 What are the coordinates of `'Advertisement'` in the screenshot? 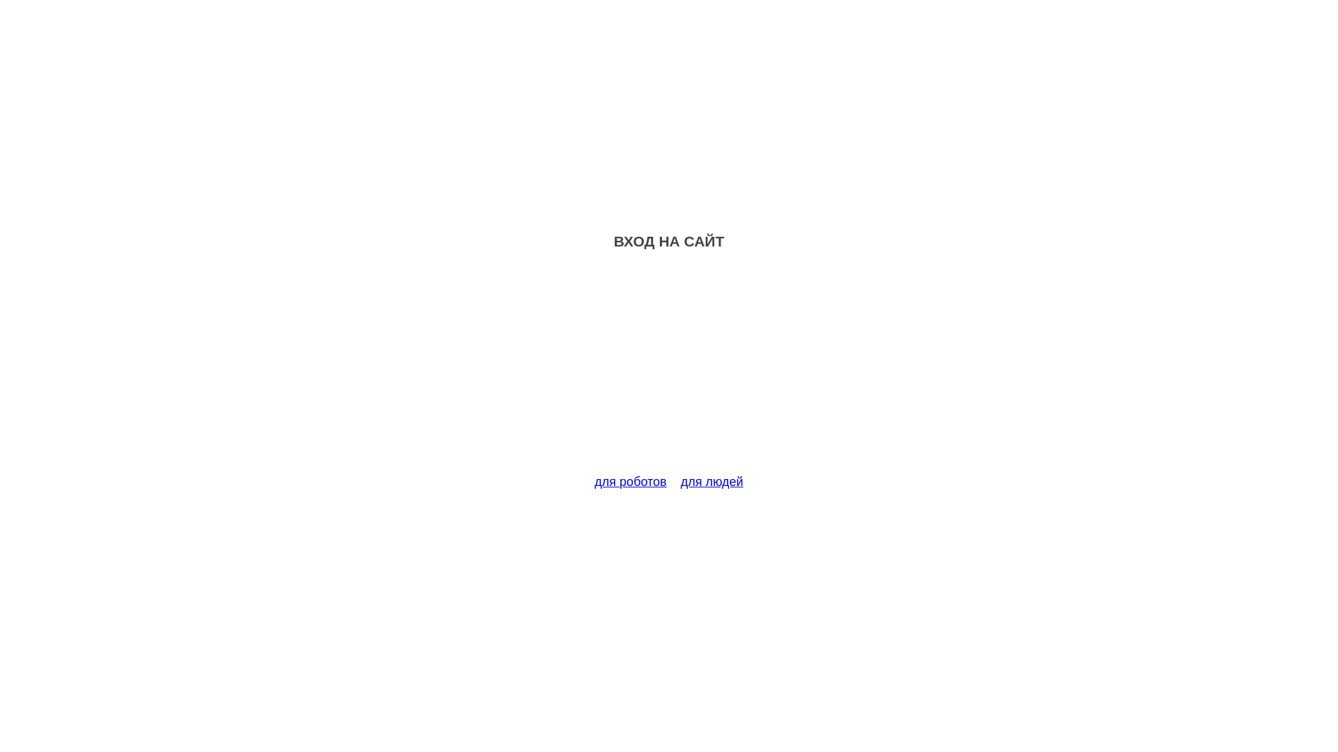 It's located at (669, 370).